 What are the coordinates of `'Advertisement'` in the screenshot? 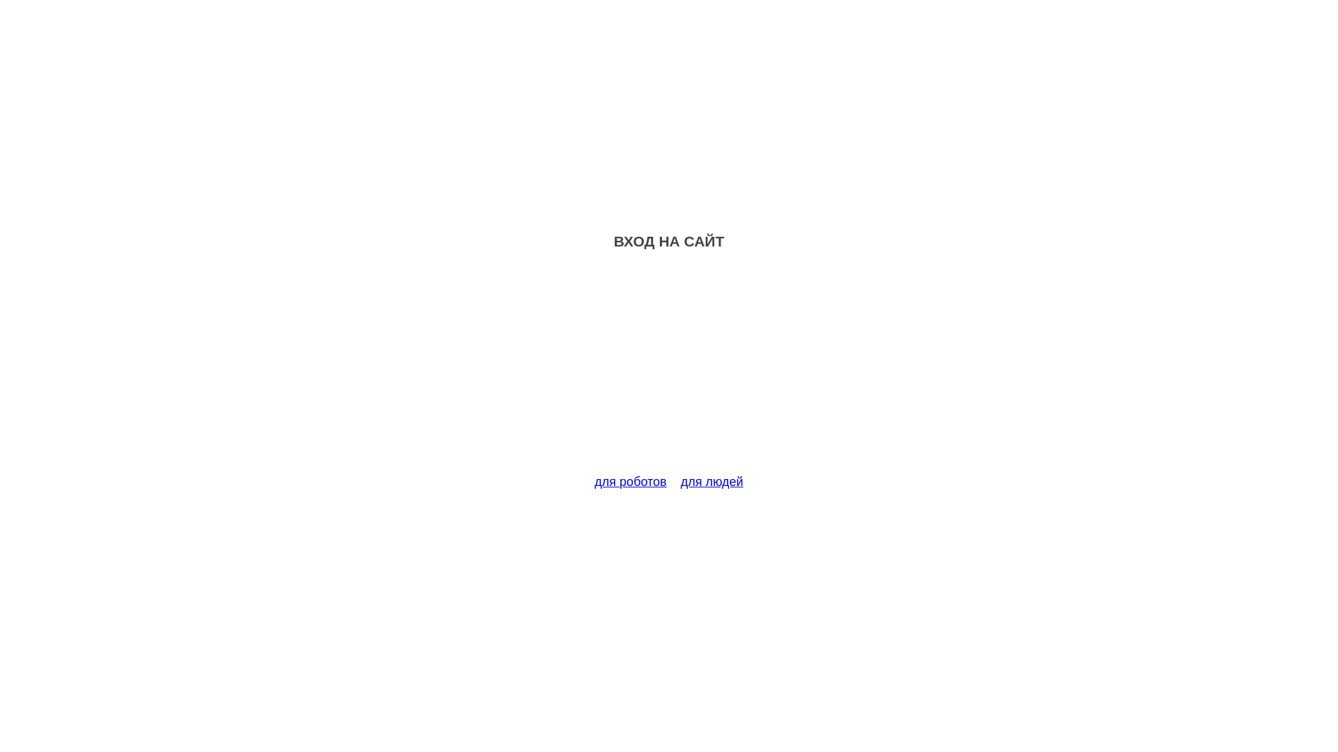 It's located at (669, 370).